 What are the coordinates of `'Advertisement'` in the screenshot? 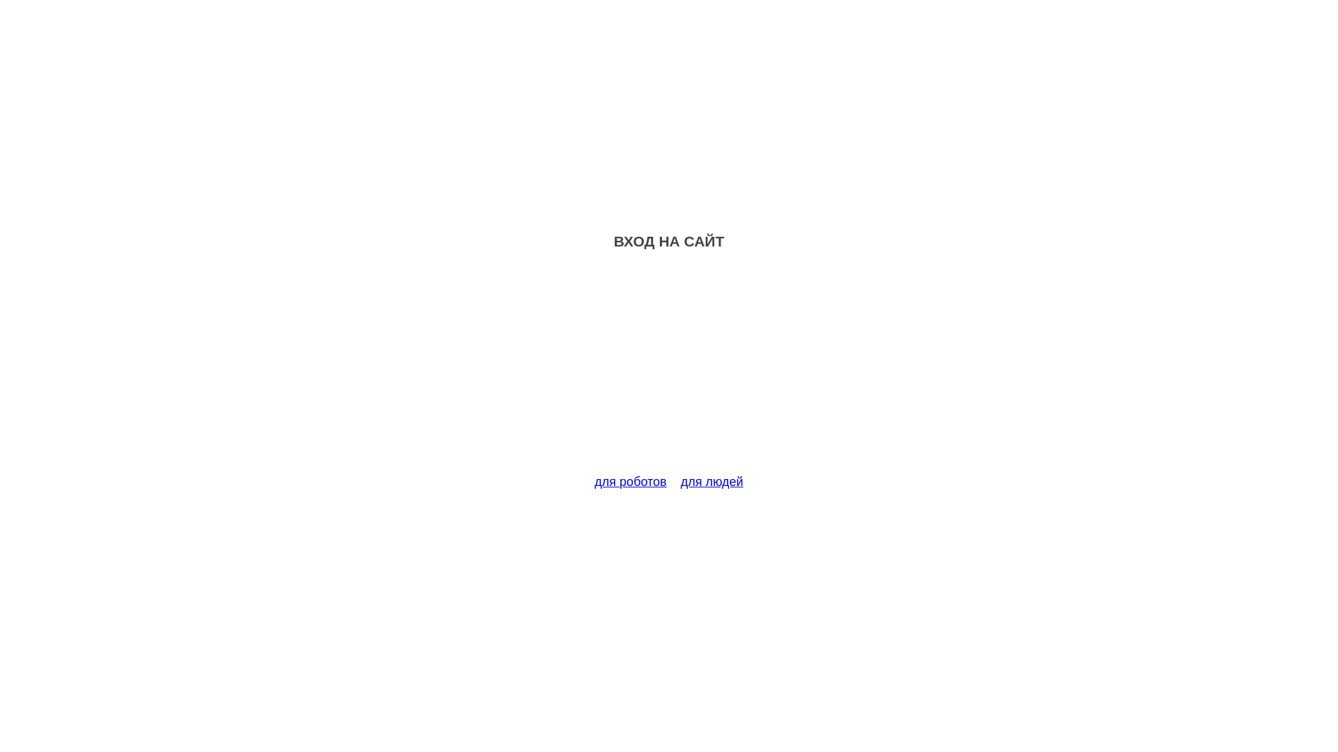 It's located at (669, 370).